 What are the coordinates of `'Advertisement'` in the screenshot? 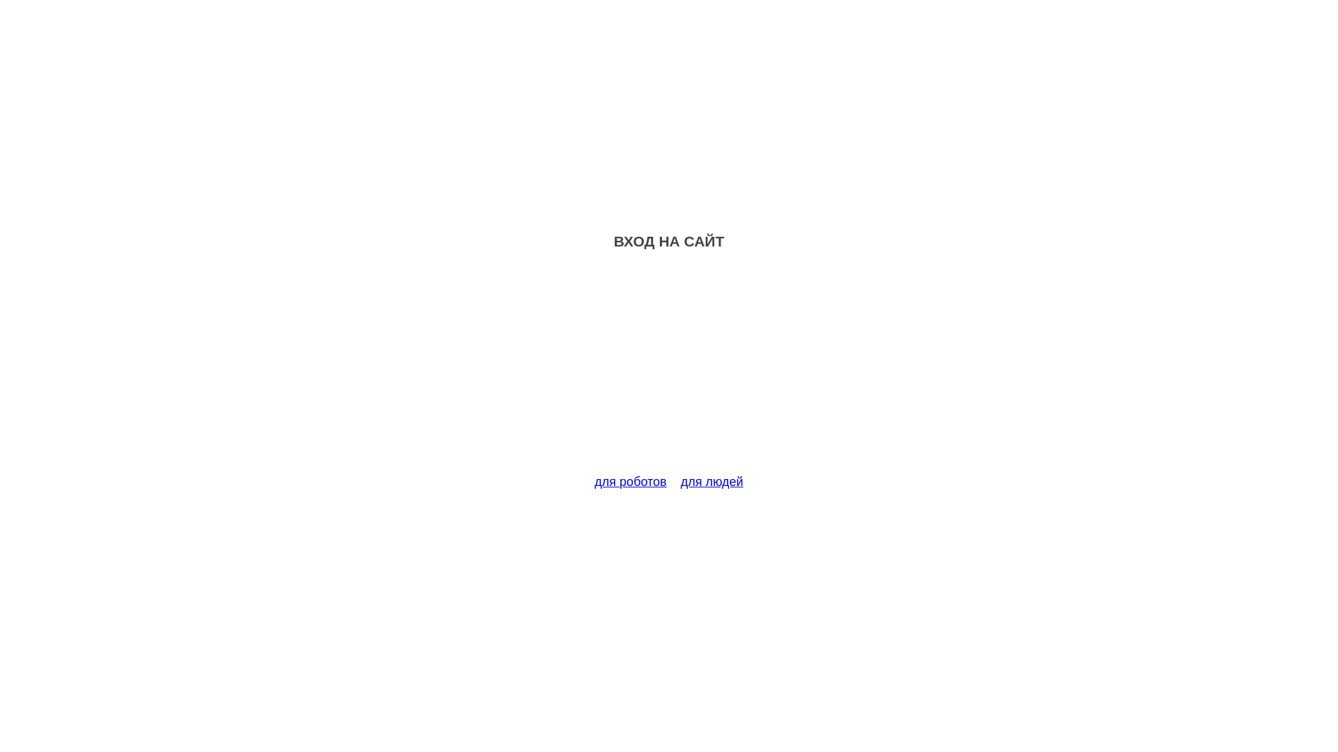 It's located at (669, 370).